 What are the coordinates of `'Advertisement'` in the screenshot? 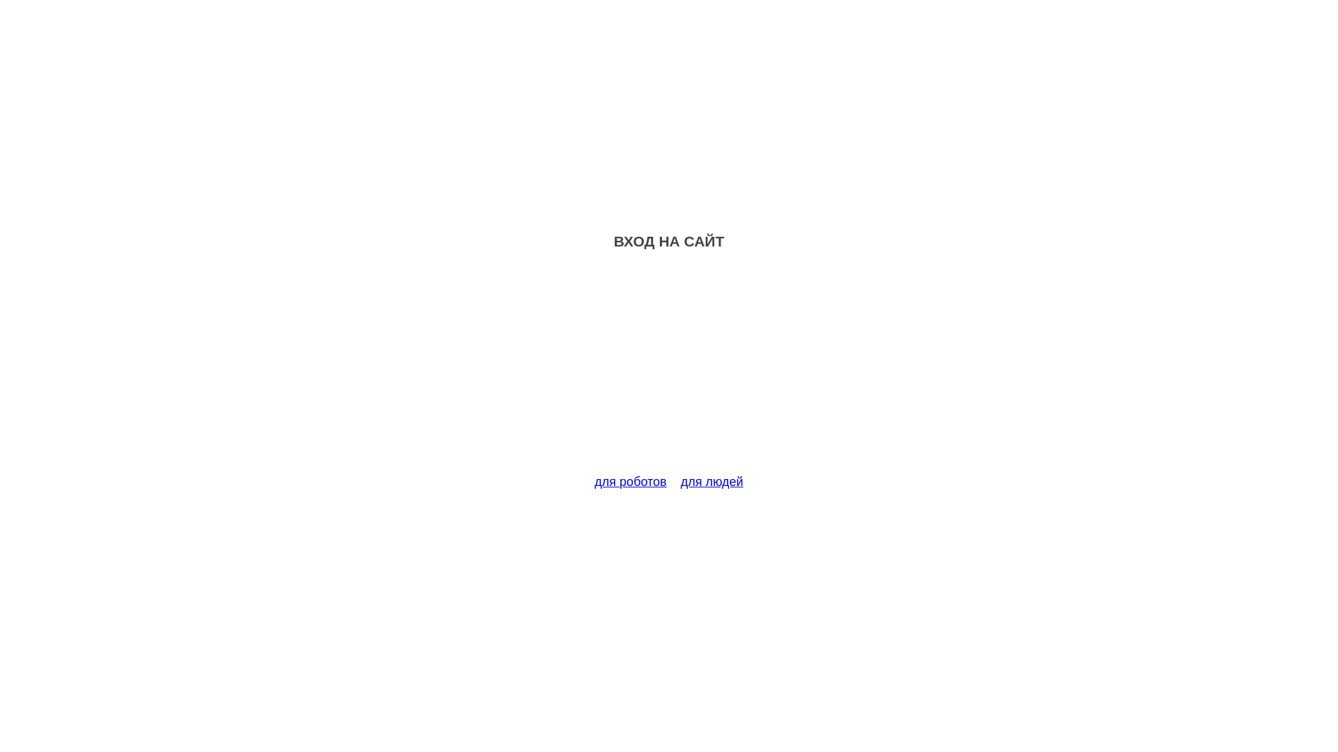 It's located at (669, 370).